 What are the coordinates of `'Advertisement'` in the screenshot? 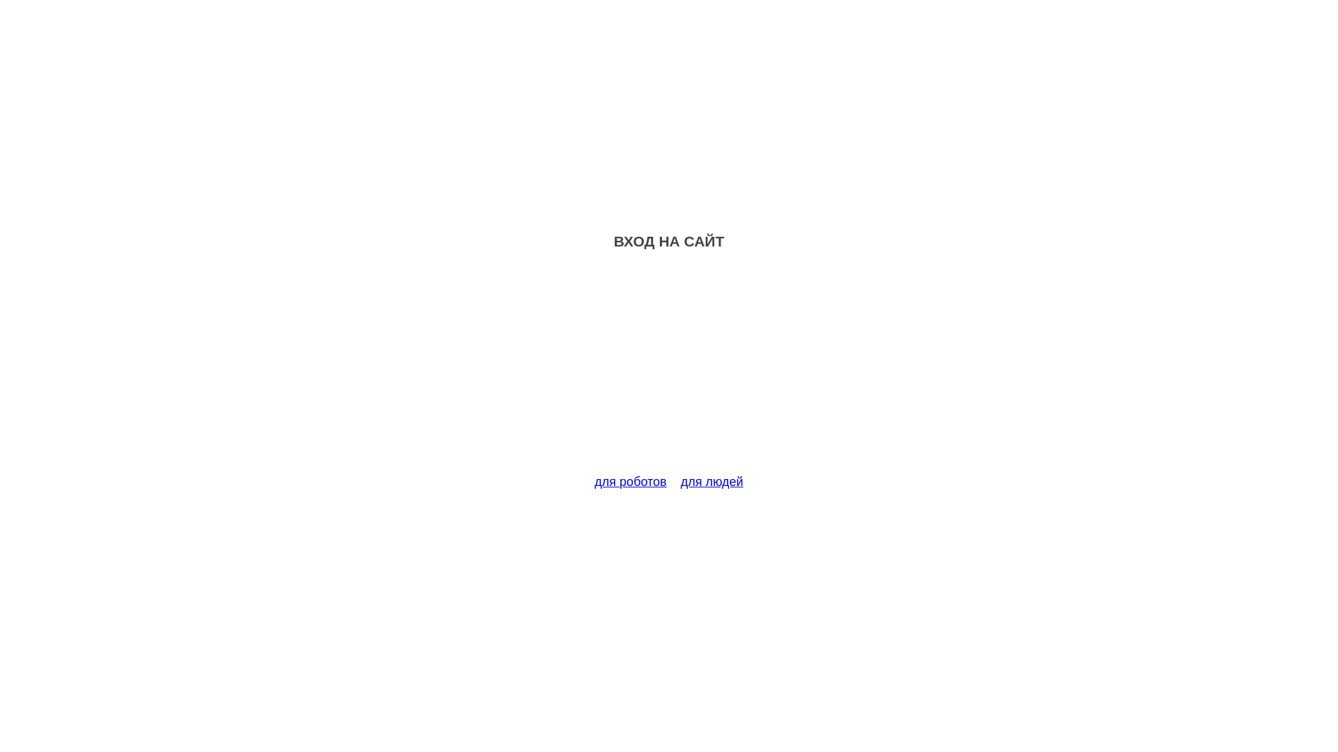 It's located at (669, 370).